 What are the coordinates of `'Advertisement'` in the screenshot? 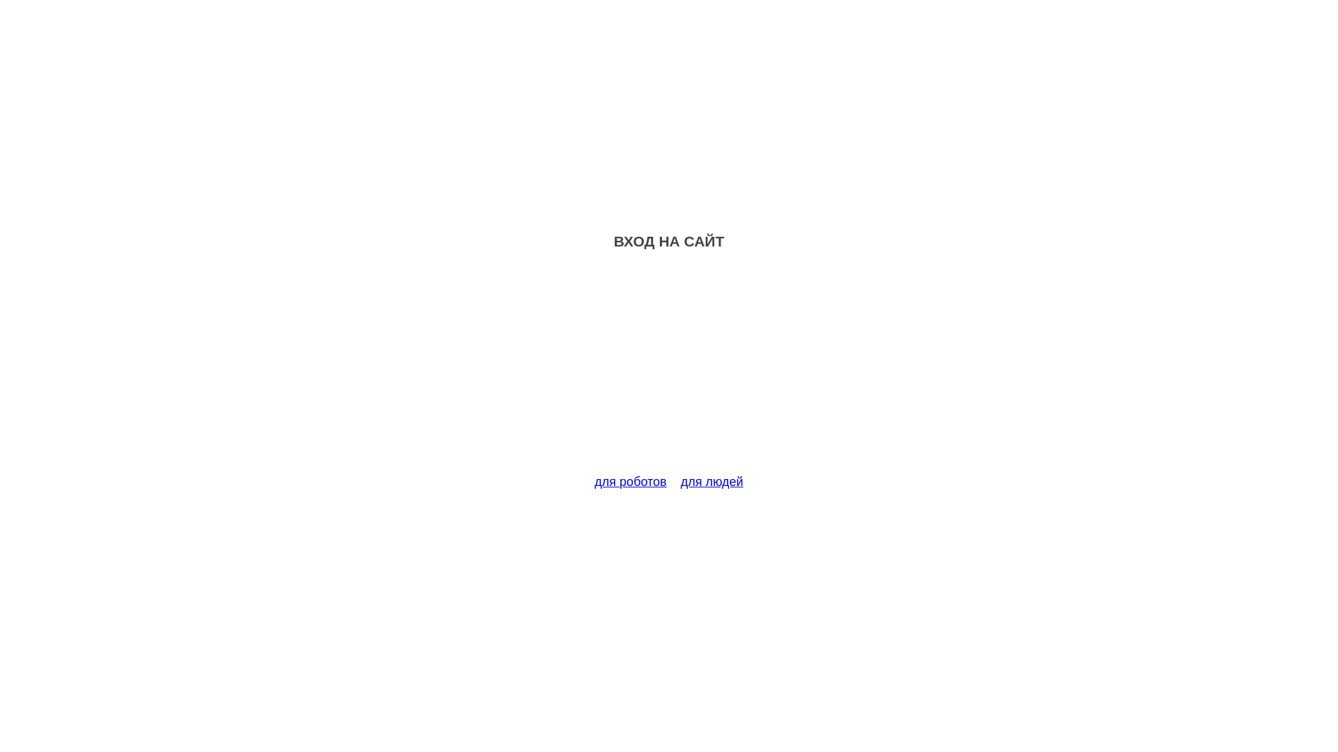 It's located at (669, 370).